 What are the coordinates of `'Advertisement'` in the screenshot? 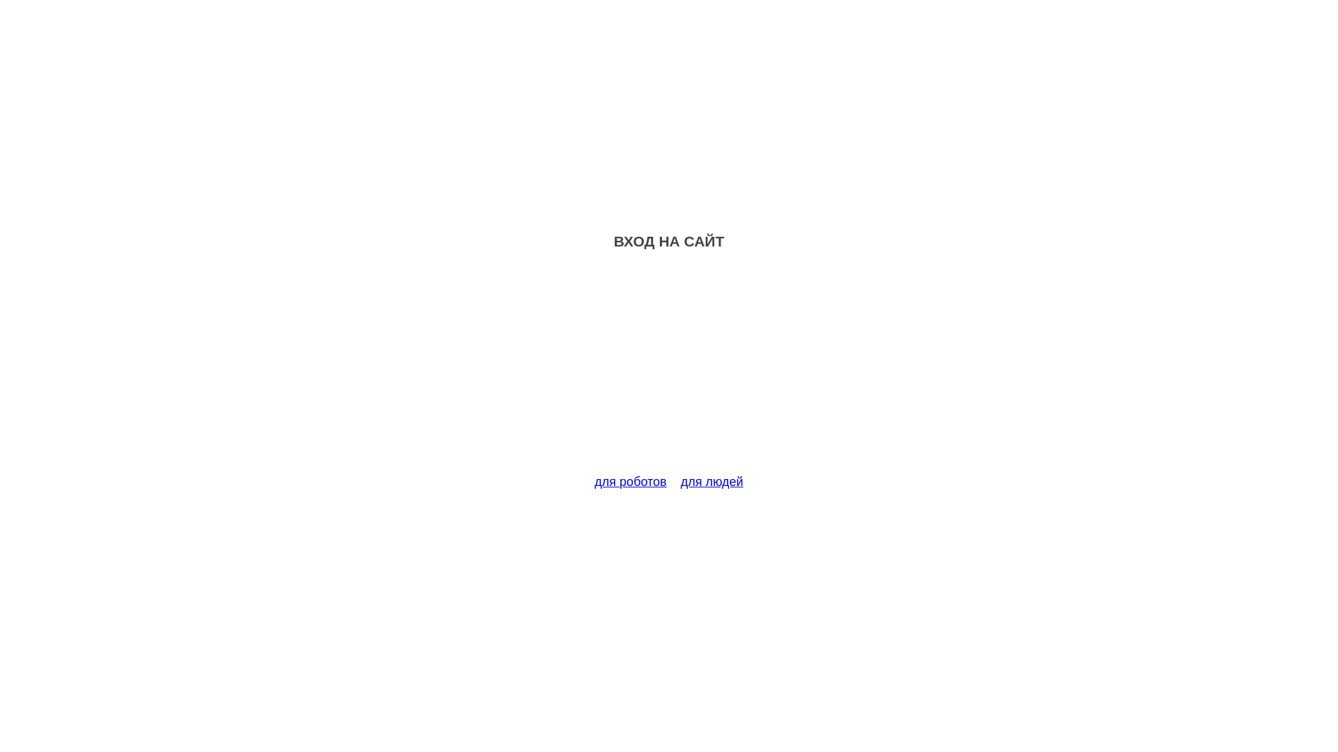 It's located at (669, 370).